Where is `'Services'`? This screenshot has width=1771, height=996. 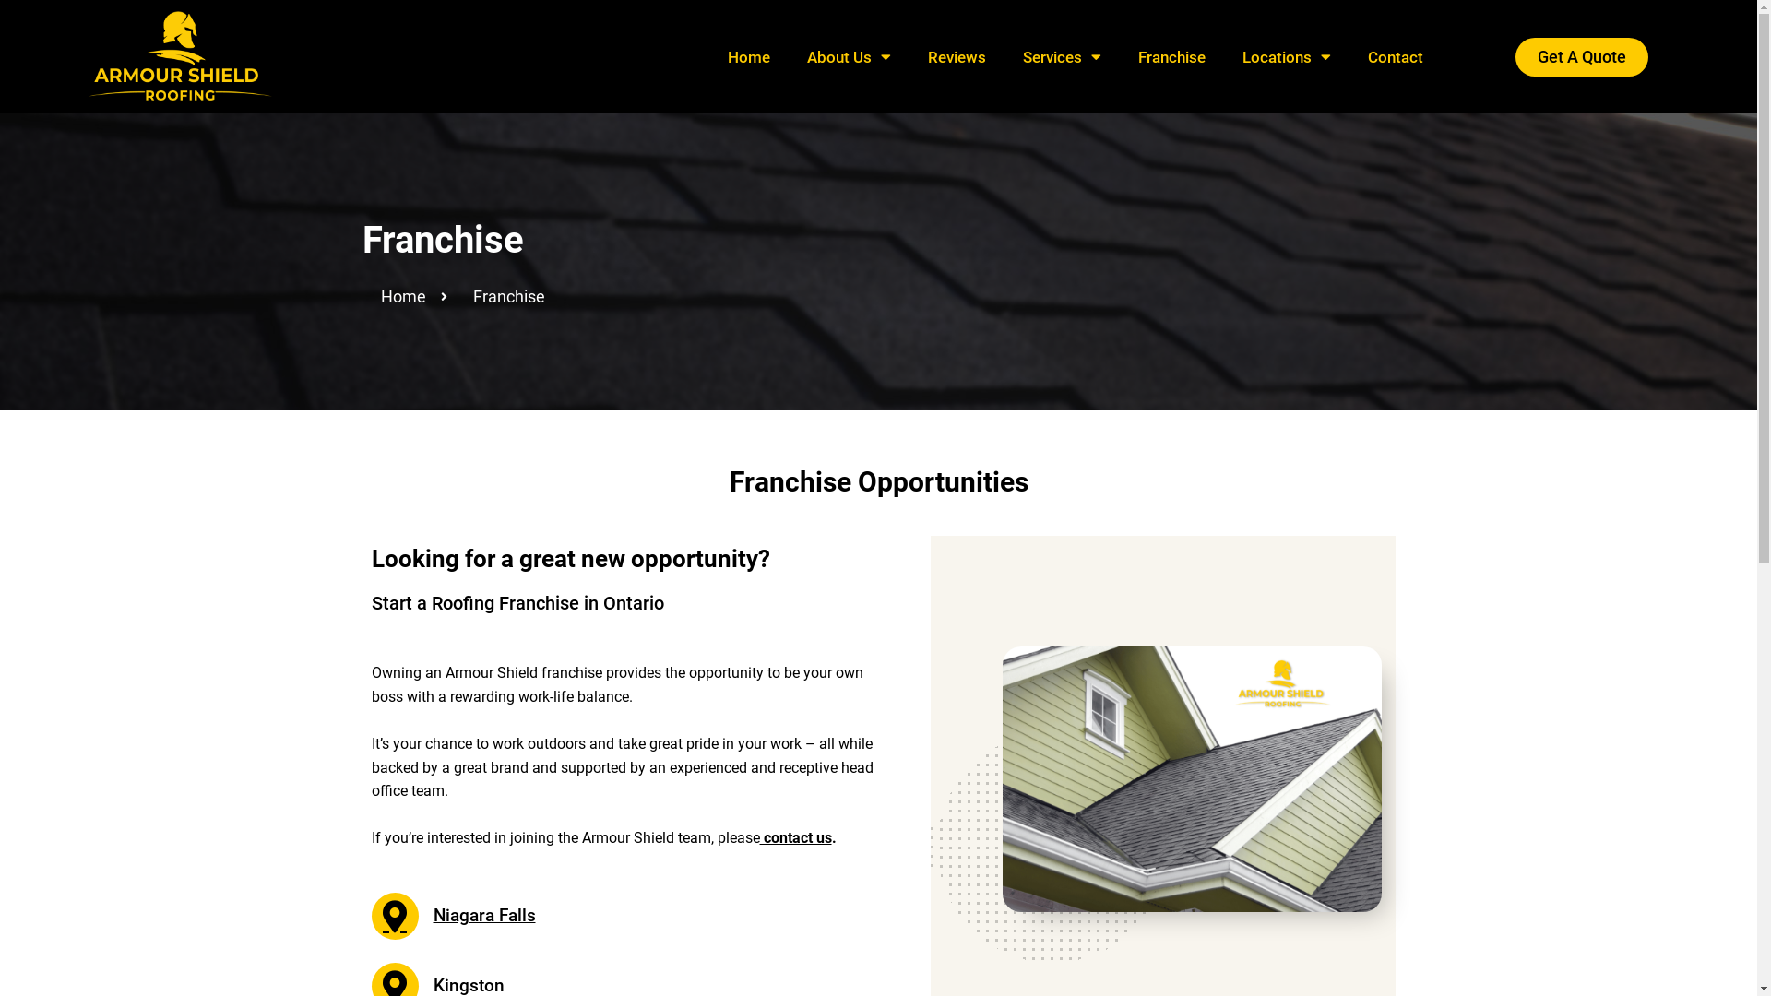
'Services' is located at coordinates (1062, 55).